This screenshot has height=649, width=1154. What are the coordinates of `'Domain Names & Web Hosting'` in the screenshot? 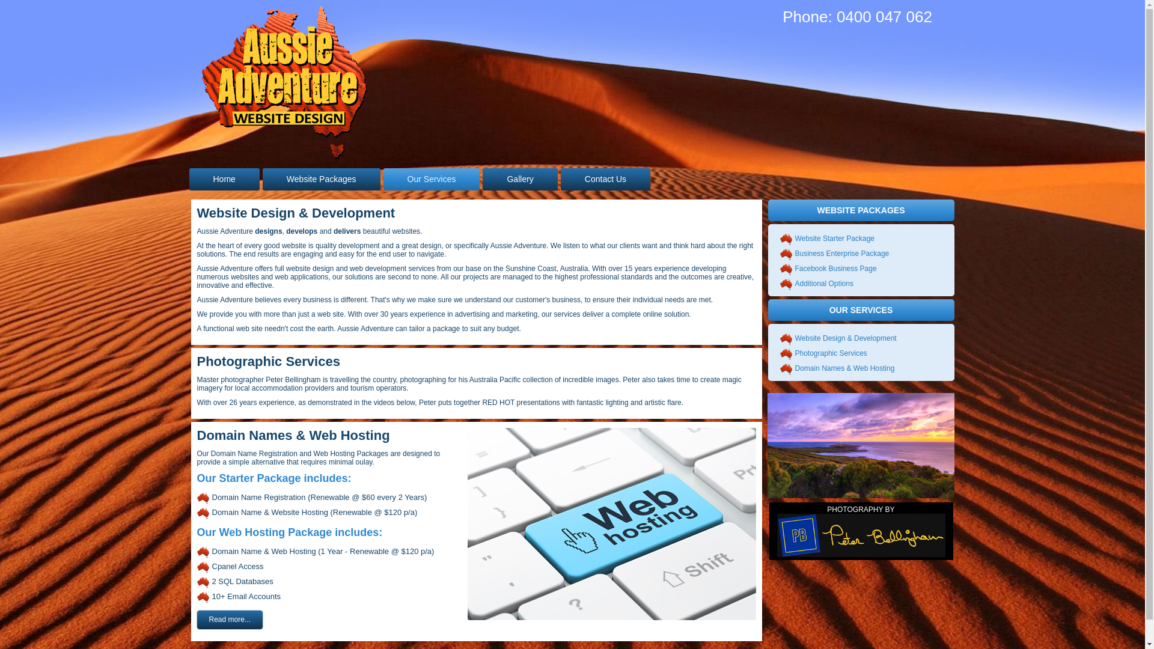 It's located at (844, 368).